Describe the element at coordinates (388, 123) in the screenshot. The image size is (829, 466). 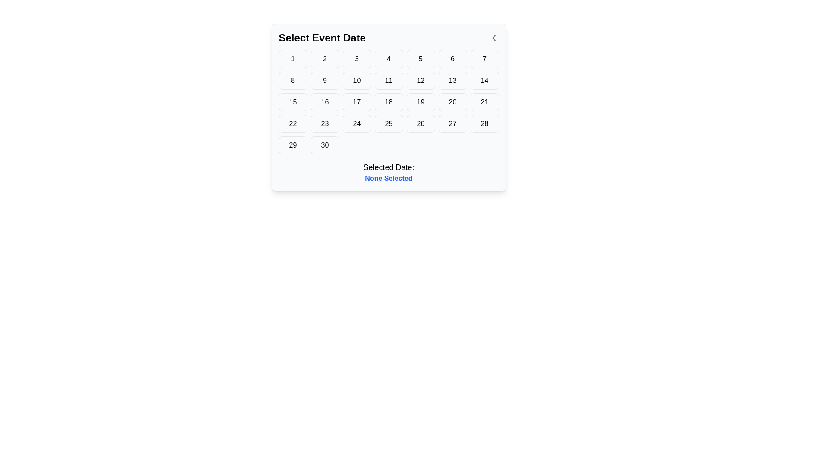
I see `the calendar date selection button for the date '25' located in the fourth row and fourth column of the grid layout` at that location.